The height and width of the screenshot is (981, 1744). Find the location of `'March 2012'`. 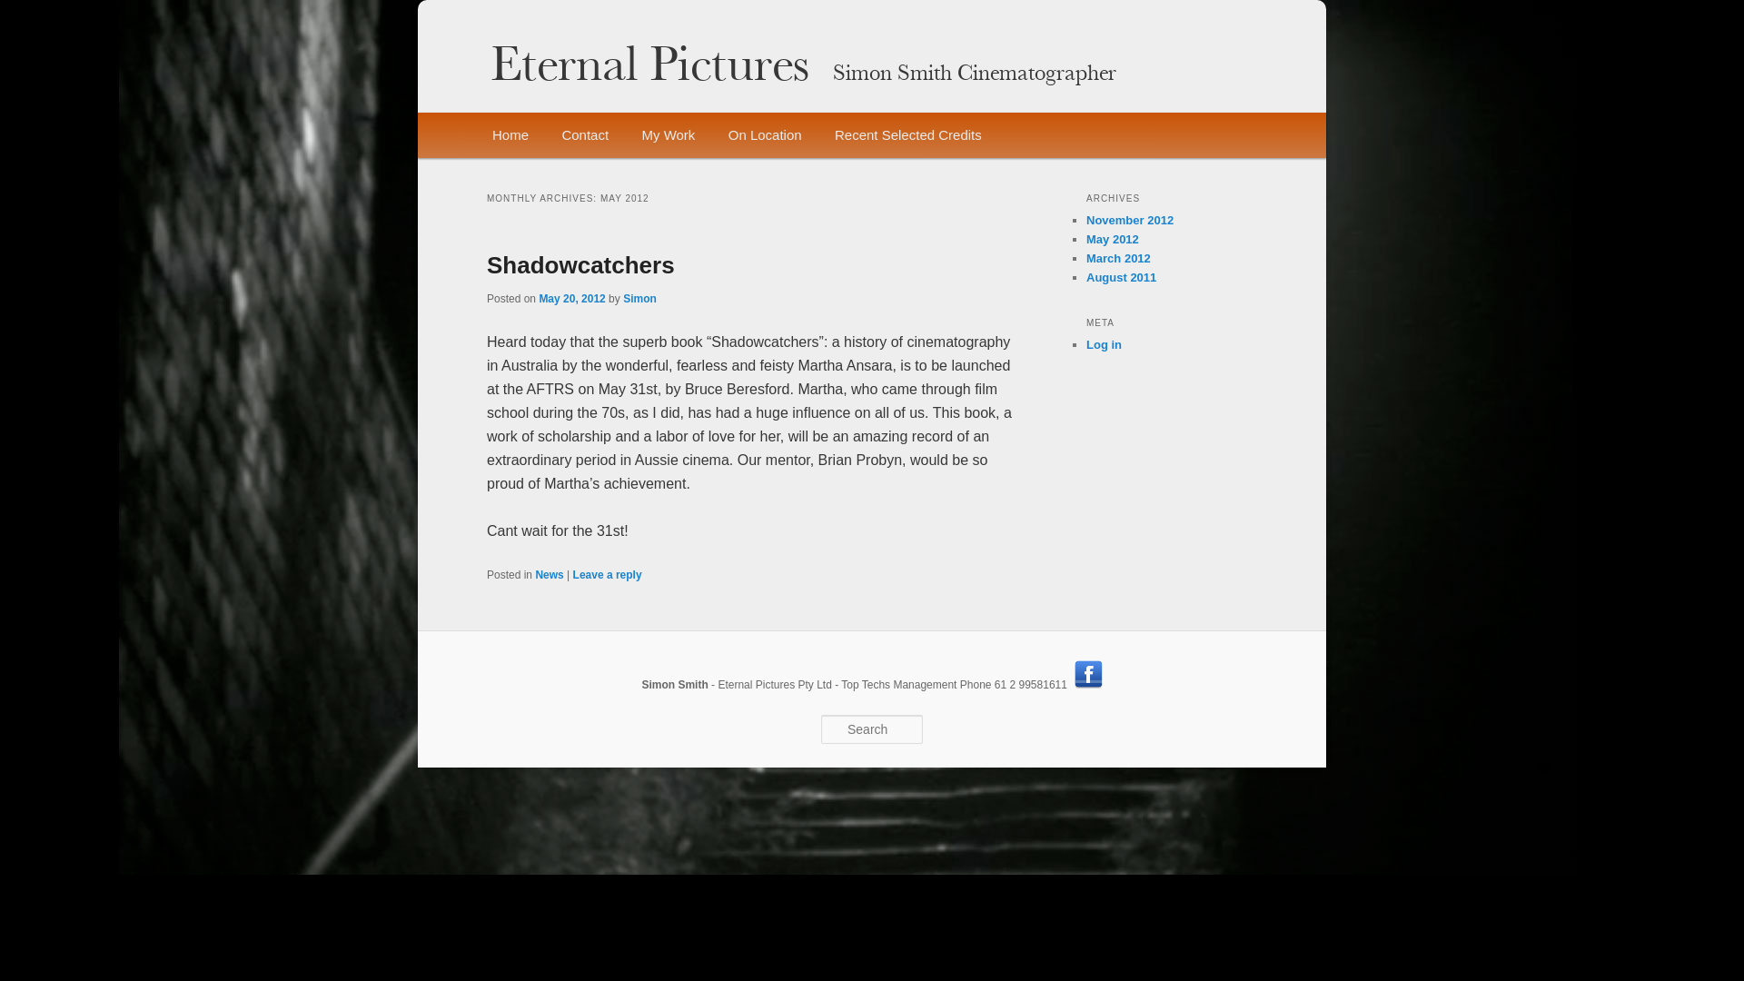

'March 2012' is located at coordinates (1117, 258).